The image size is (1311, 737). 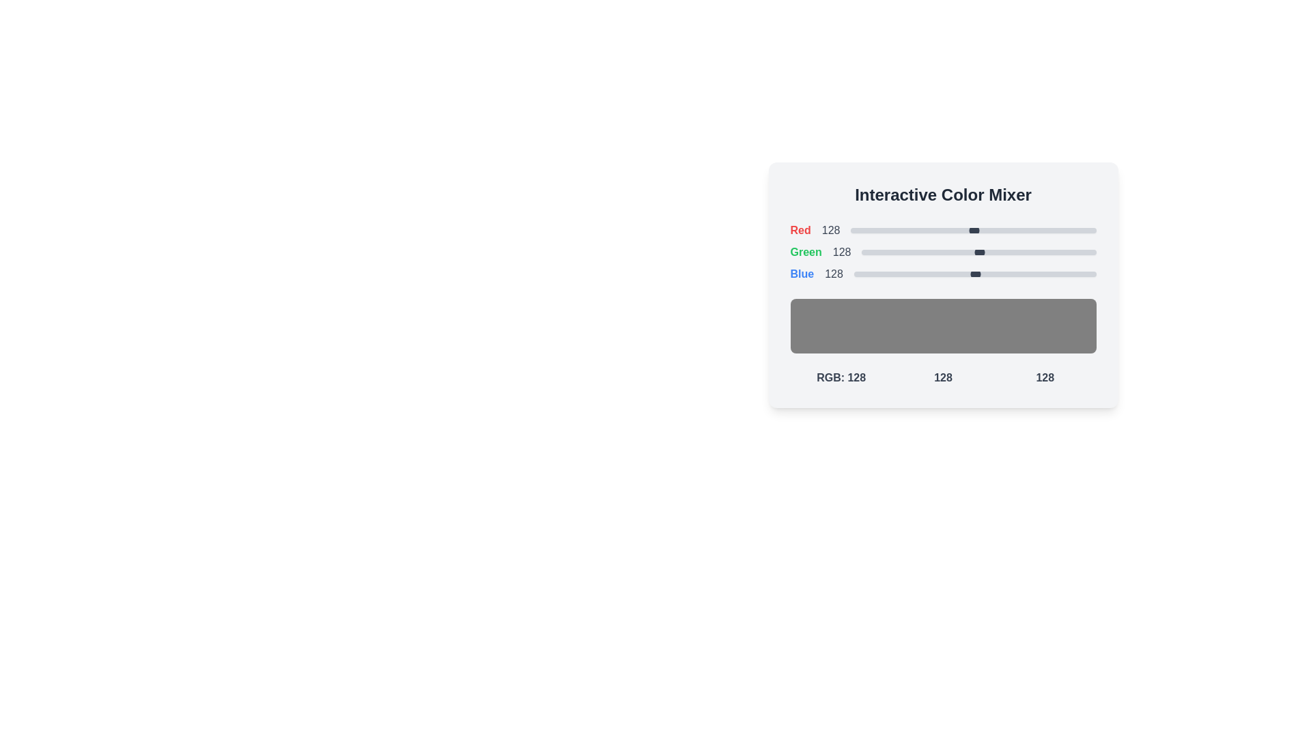 What do you see at coordinates (800, 230) in the screenshot?
I see `the 'Red' label that indicates the control for the 'Red' value in the RGB color mixer interface` at bounding box center [800, 230].